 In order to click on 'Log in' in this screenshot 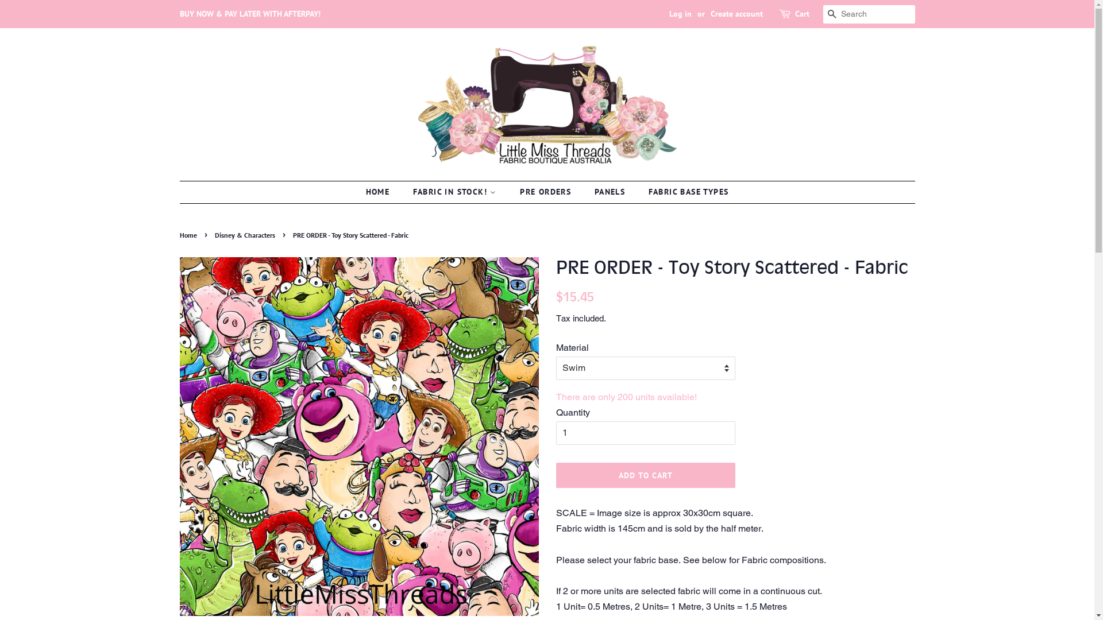, I will do `click(680, 13)`.